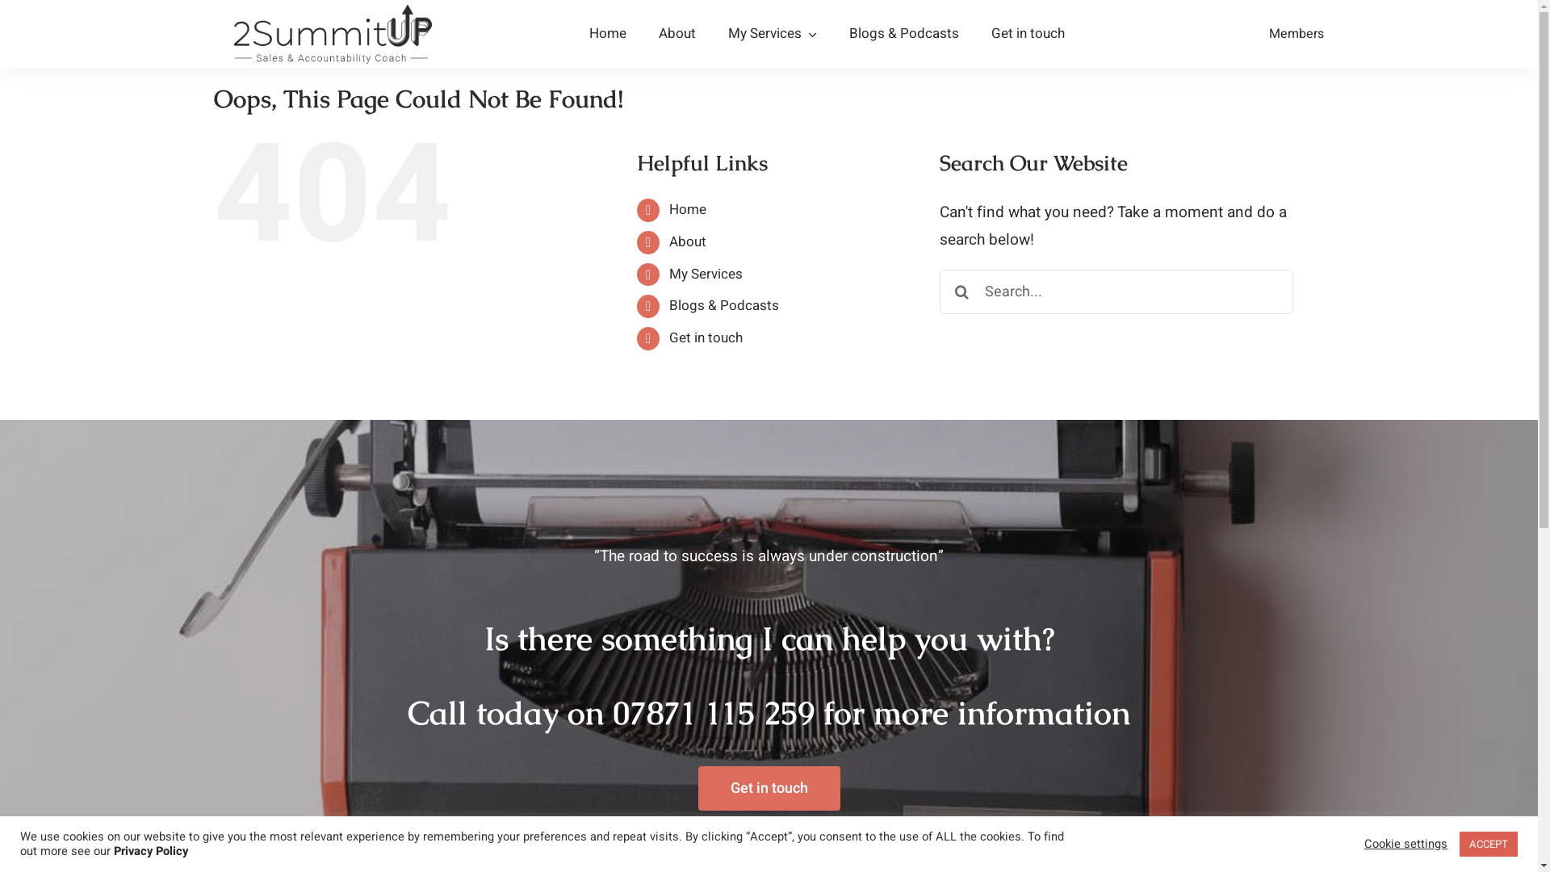  What do you see at coordinates (151, 850) in the screenshot?
I see `'Privacy Policy'` at bounding box center [151, 850].